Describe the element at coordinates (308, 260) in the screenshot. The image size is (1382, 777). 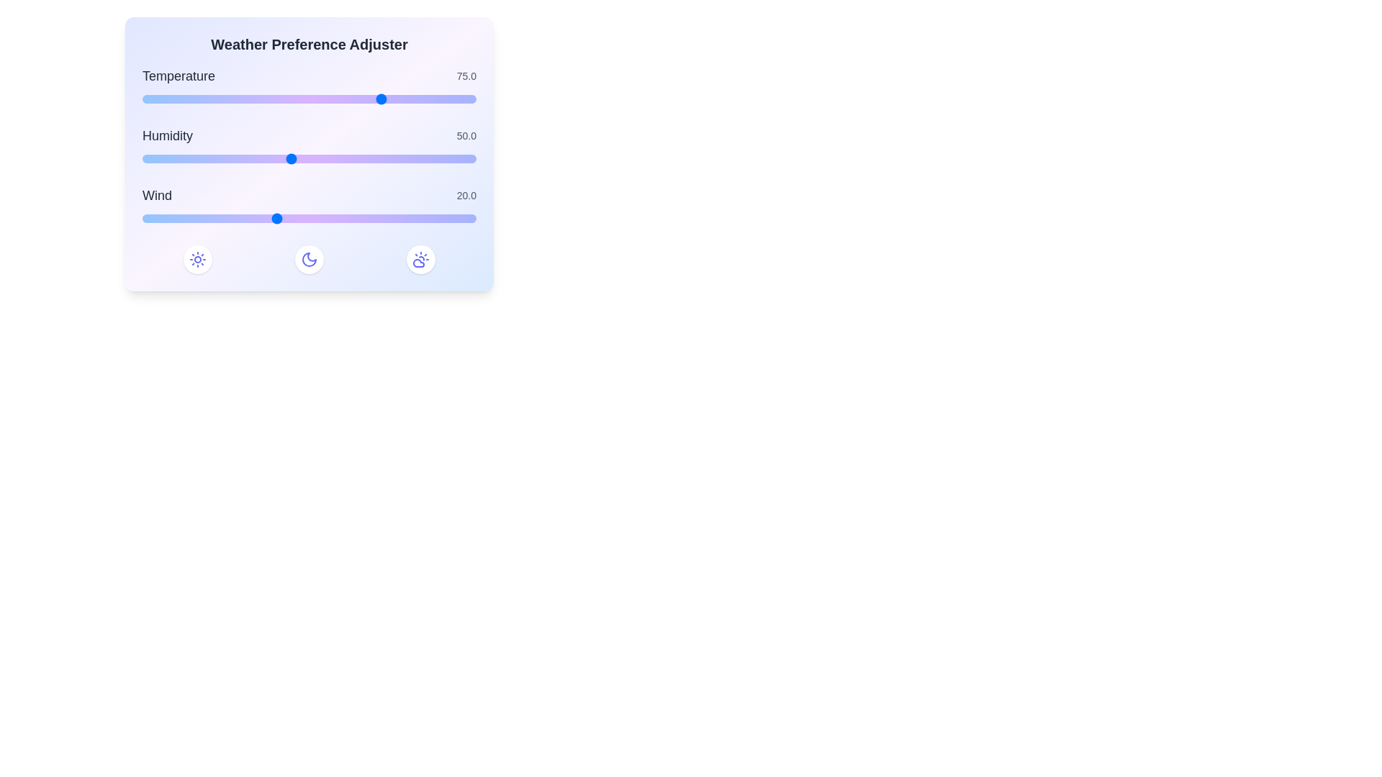
I see `the crescent moon icon styled in blue, located` at that location.